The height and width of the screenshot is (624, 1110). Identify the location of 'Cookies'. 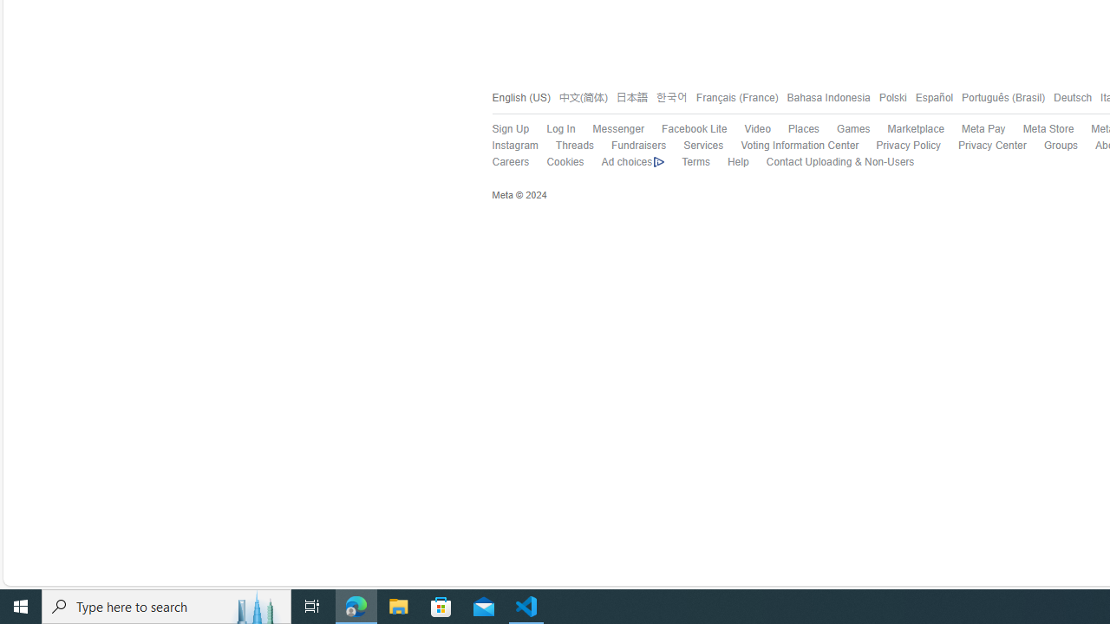
(565, 162).